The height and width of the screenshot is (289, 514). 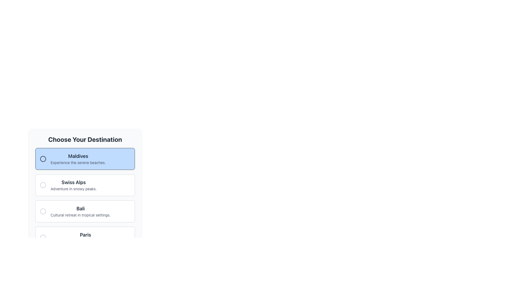 What do you see at coordinates (43, 185) in the screenshot?
I see `the appearance of the unfilled circular SVG component with a 10-unit radius, located to the left of the 'Swiss Alps' option in the selectable list` at bounding box center [43, 185].